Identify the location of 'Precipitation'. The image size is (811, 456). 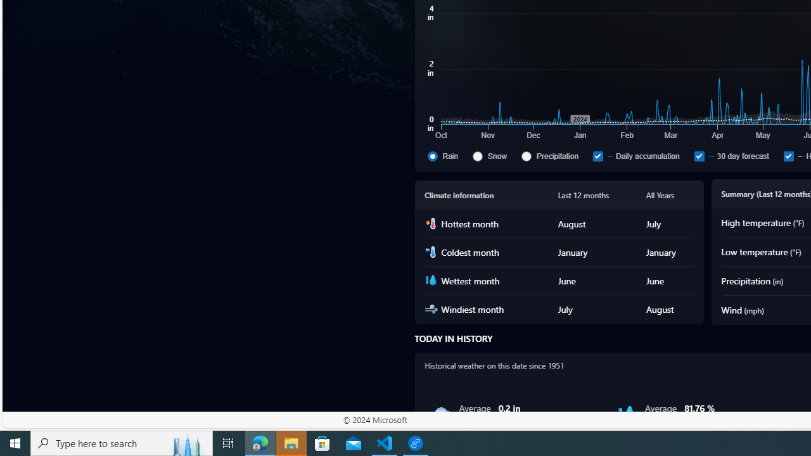
(527, 155).